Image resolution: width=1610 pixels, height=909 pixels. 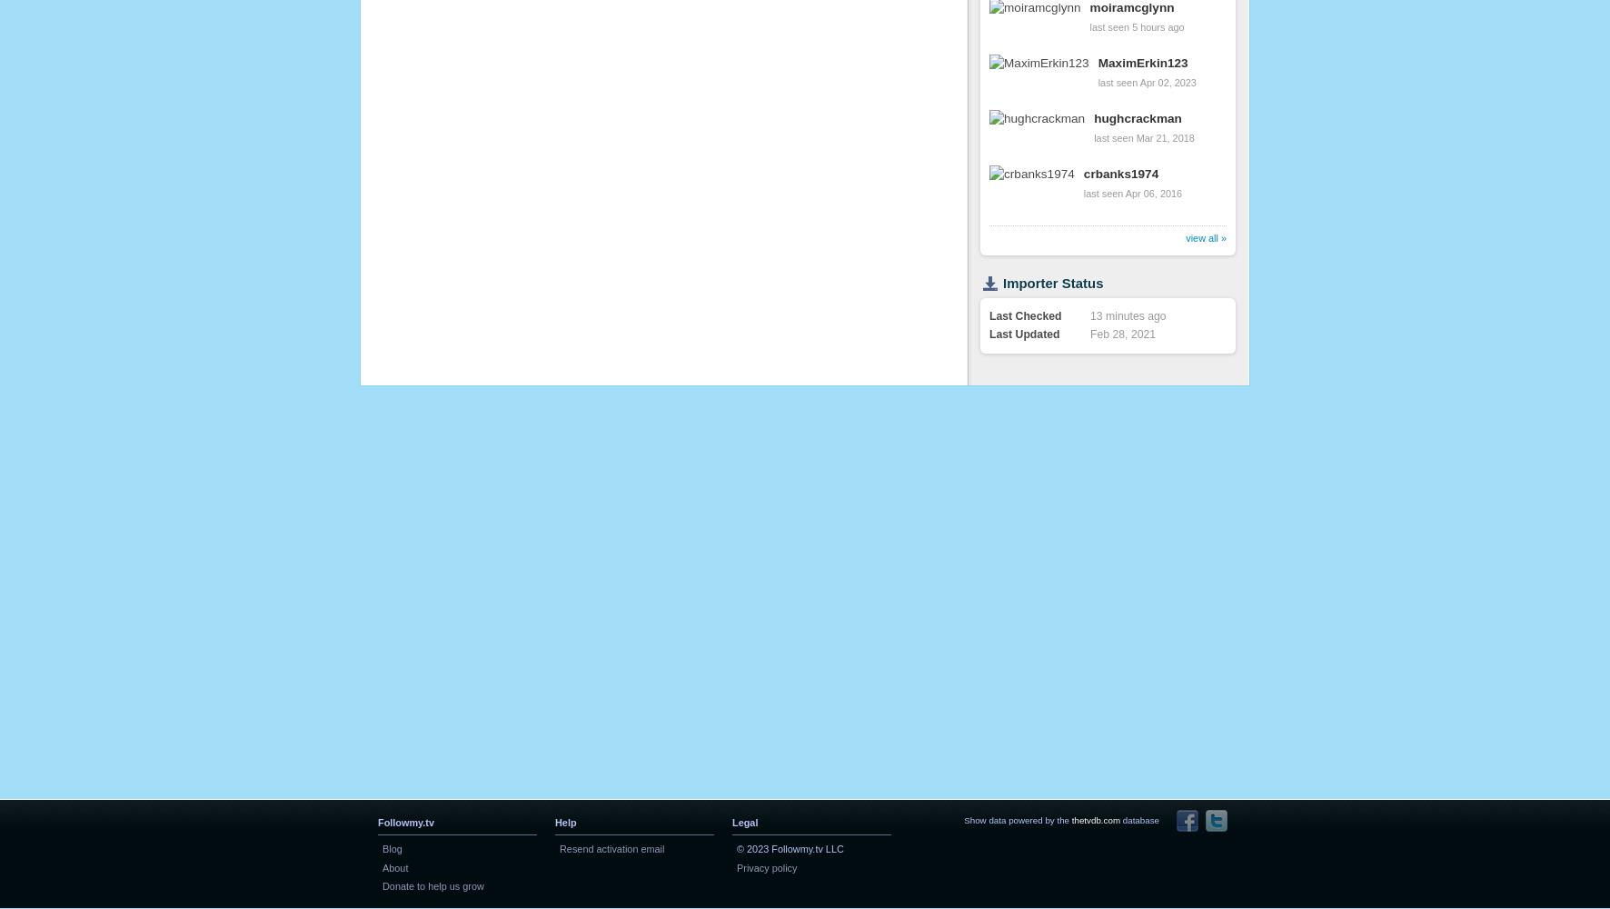 I want to click on '© 2023 Followmy.tv LLC', so click(x=790, y=849).